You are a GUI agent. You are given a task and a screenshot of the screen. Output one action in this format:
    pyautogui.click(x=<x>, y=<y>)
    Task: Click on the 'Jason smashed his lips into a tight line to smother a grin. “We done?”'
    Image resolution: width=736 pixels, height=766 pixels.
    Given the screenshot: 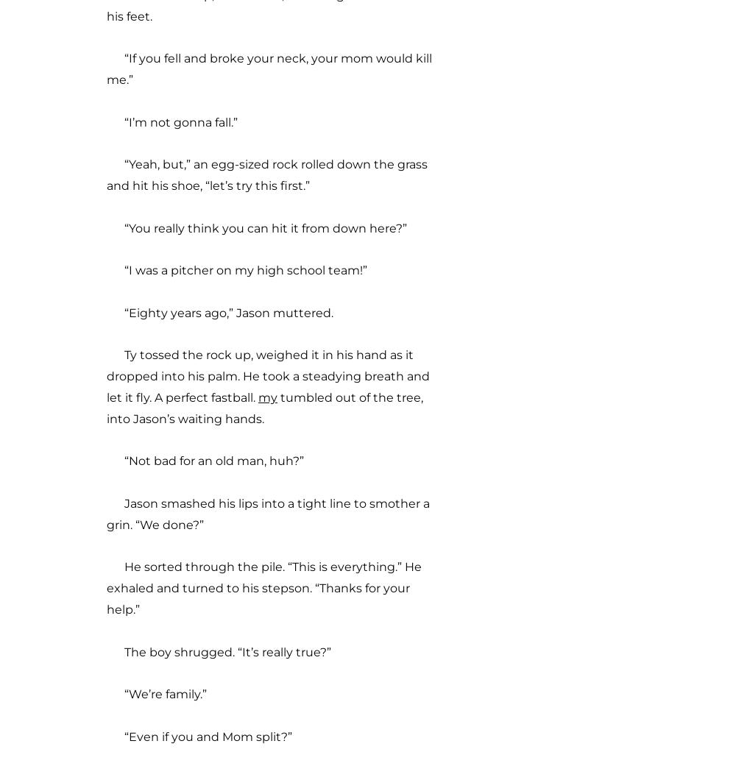 What is the action you would take?
    pyautogui.click(x=267, y=512)
    